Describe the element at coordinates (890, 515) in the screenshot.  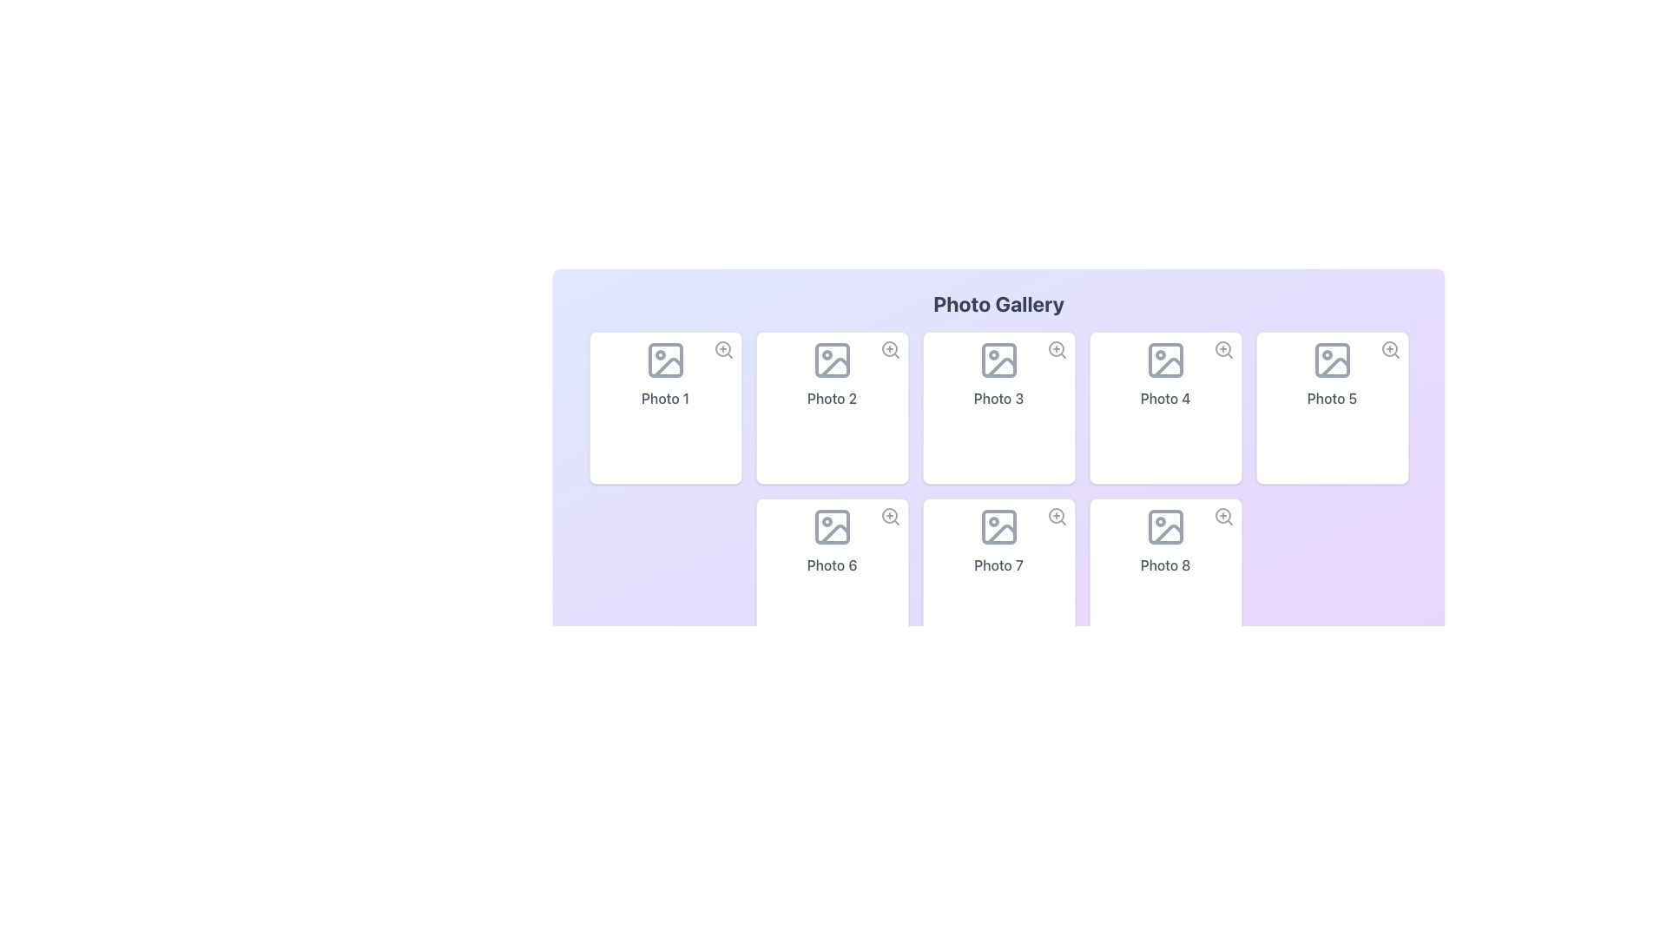
I see `the zoom-in magnifying glass icon located in the top-right corner of the 'Photo 6' card in the gallery layout to enlarge the photo or open it in a detailed view` at that location.